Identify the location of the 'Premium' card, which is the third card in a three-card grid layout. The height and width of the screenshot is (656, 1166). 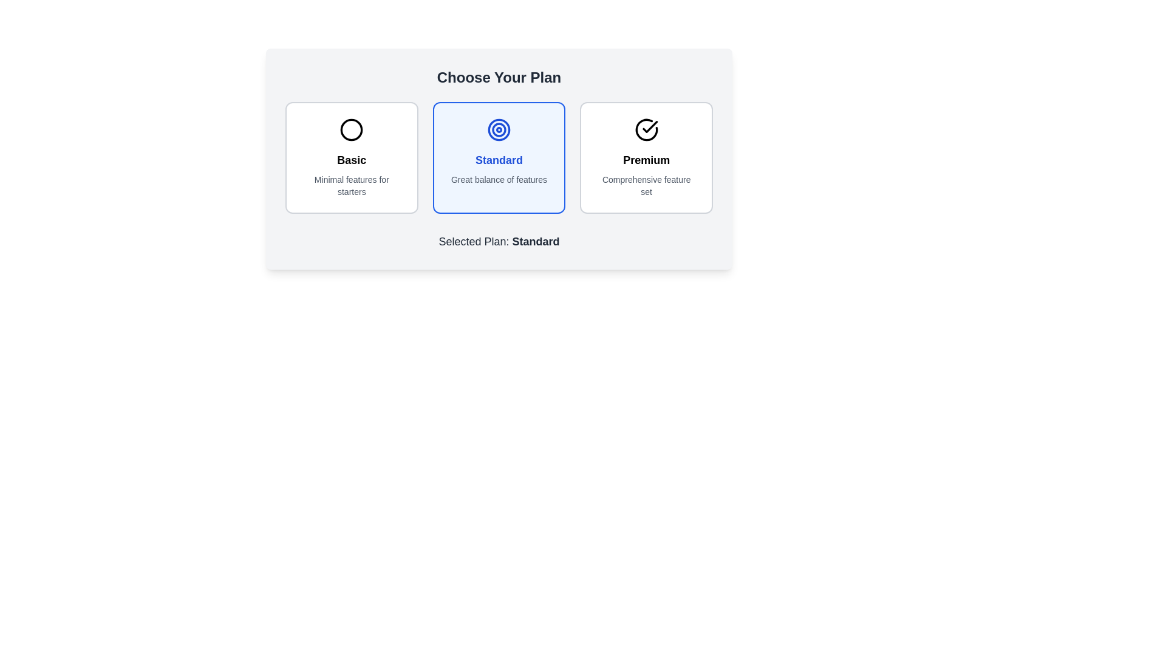
(646, 157).